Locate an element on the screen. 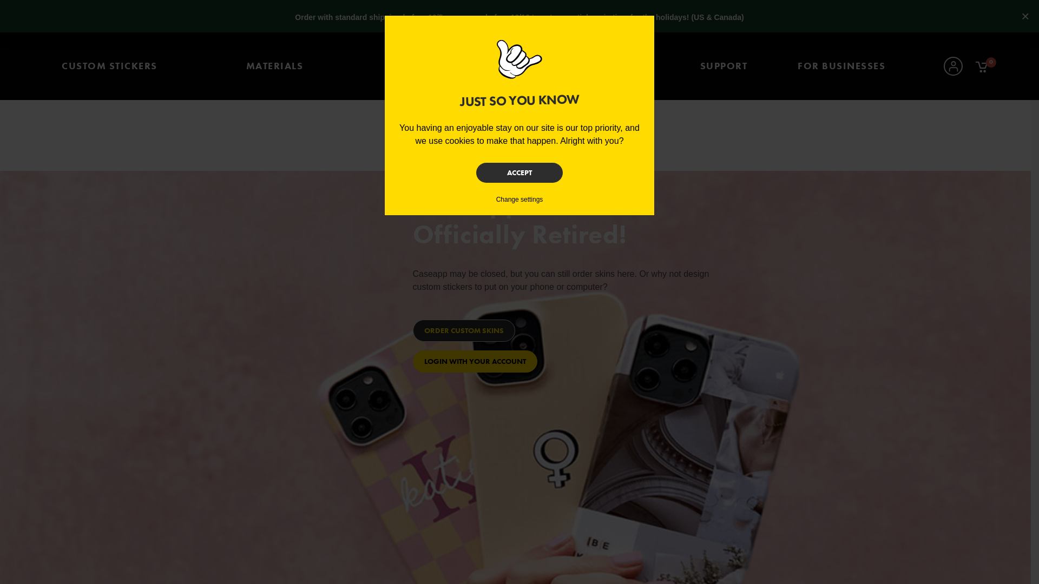 This screenshot has height=584, width=1039. 'CUSTOM STICKERS' is located at coordinates (109, 66).